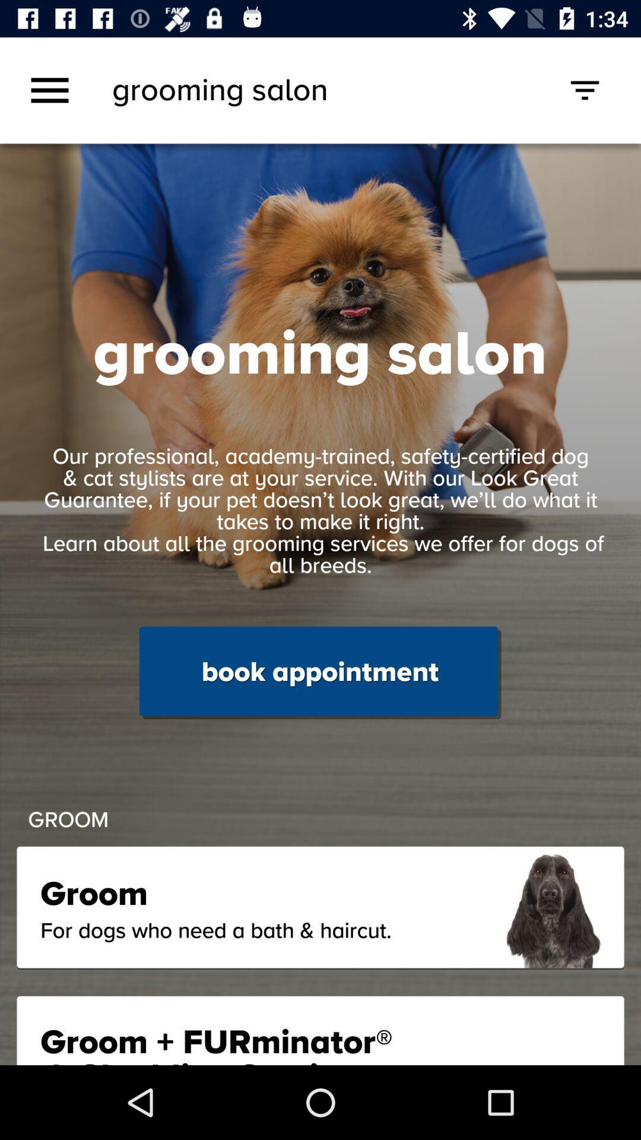  What do you see at coordinates (49, 90) in the screenshot?
I see `the item next to grooming salon` at bounding box center [49, 90].